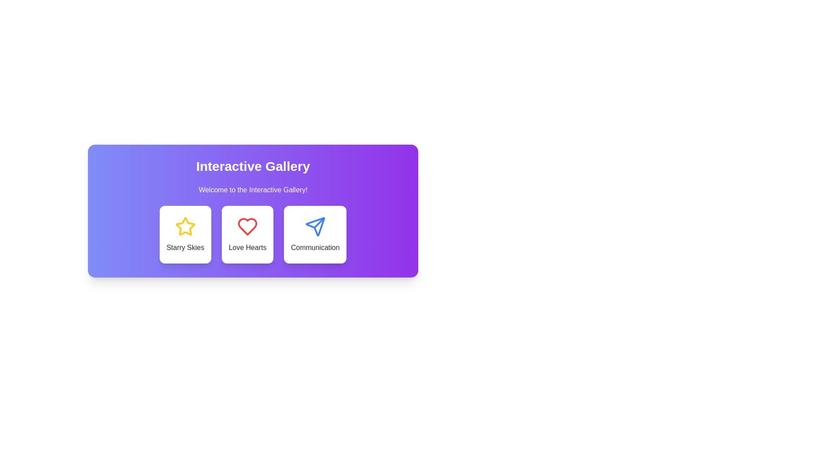  Describe the element at coordinates (315, 234) in the screenshot. I see `the Card button element labeled 'Communication', which features a blue paper-plane icon and is the third card in a group of three` at that location.